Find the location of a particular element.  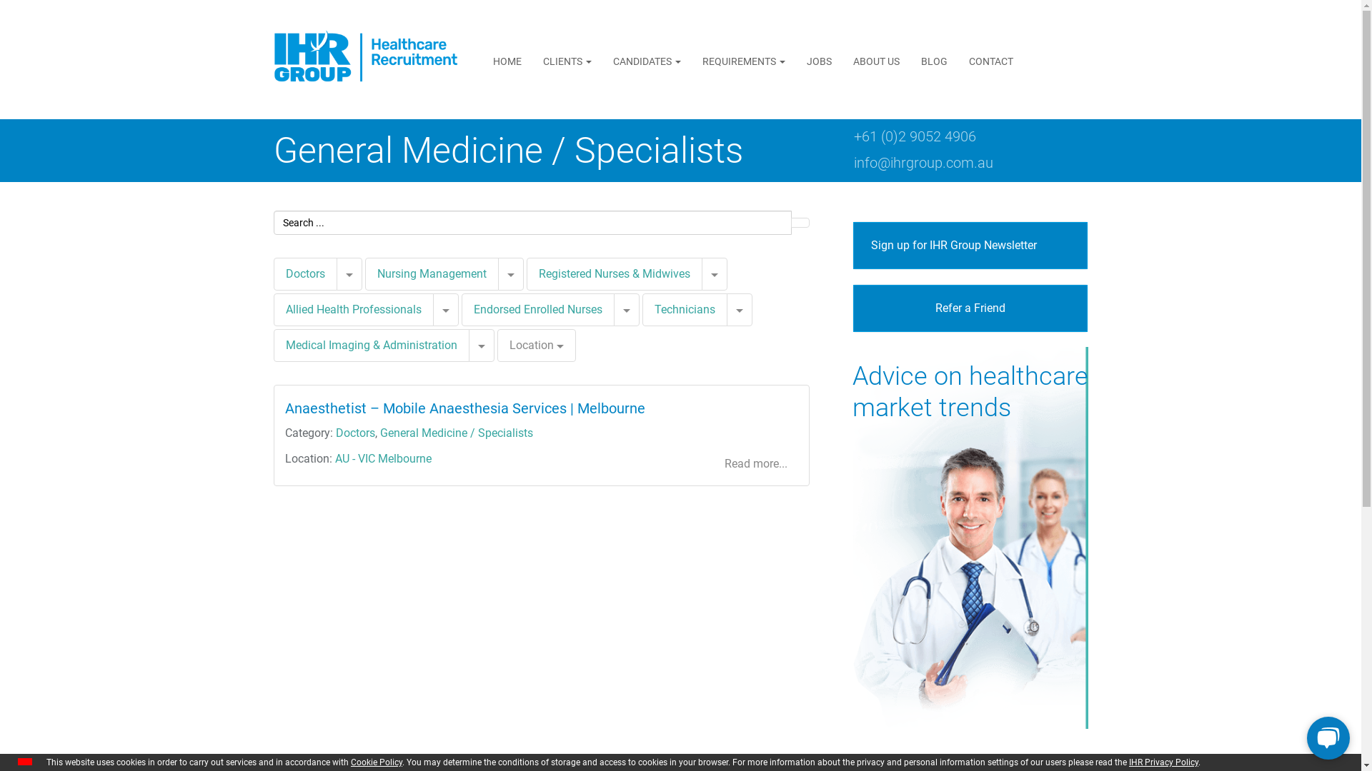

'+61 (0)2 9052 4906' is located at coordinates (913, 136).